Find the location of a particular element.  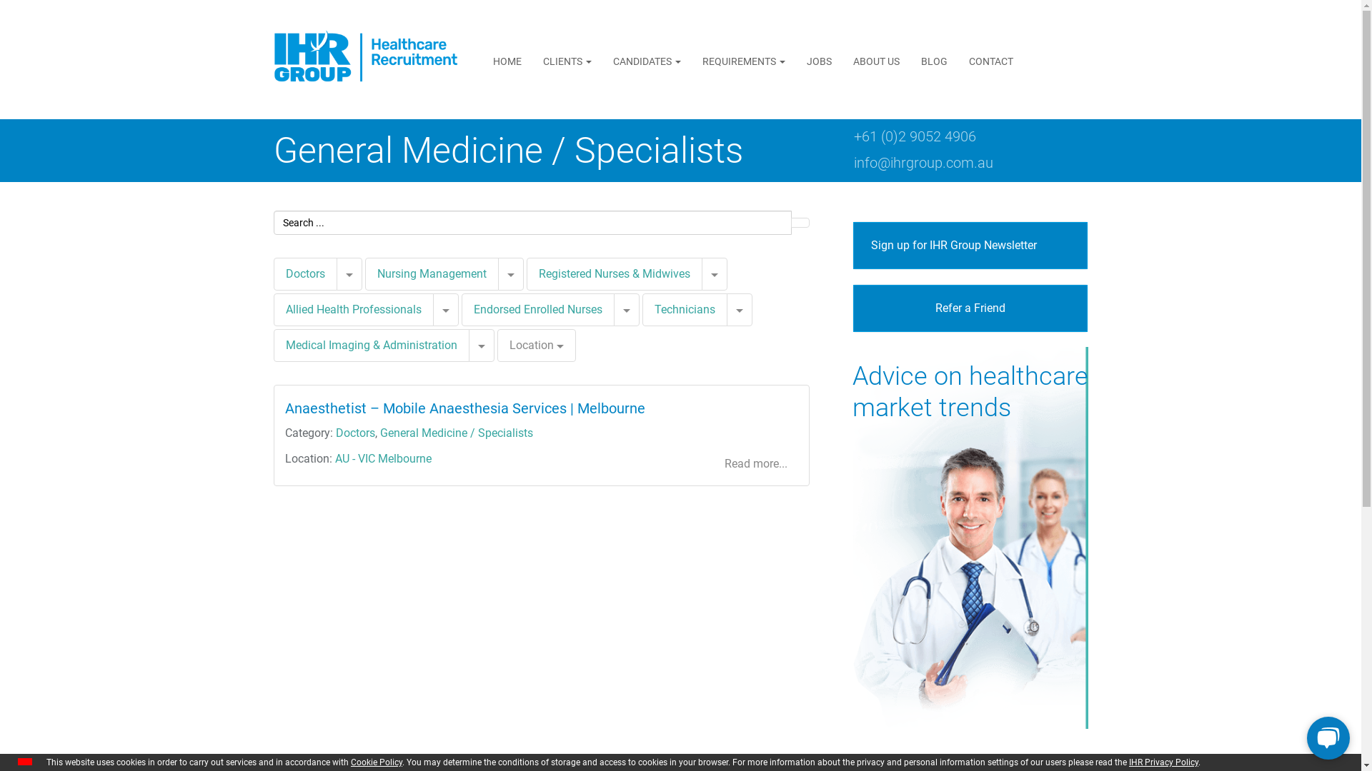

'+61 (0)2 9052 4906' is located at coordinates (913, 136).